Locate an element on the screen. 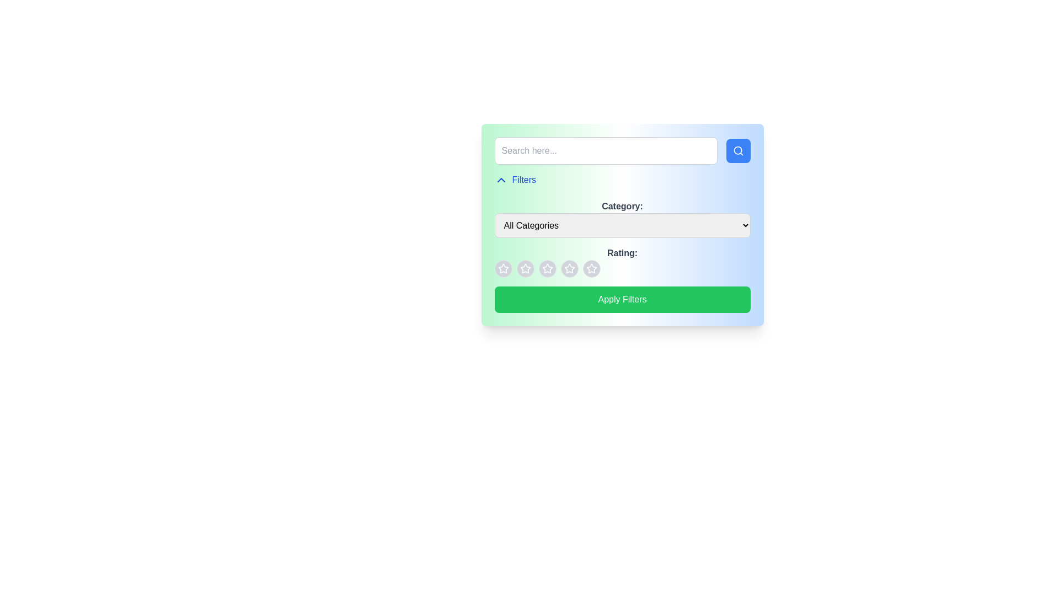  the 'Filters' button is located at coordinates (515, 180).